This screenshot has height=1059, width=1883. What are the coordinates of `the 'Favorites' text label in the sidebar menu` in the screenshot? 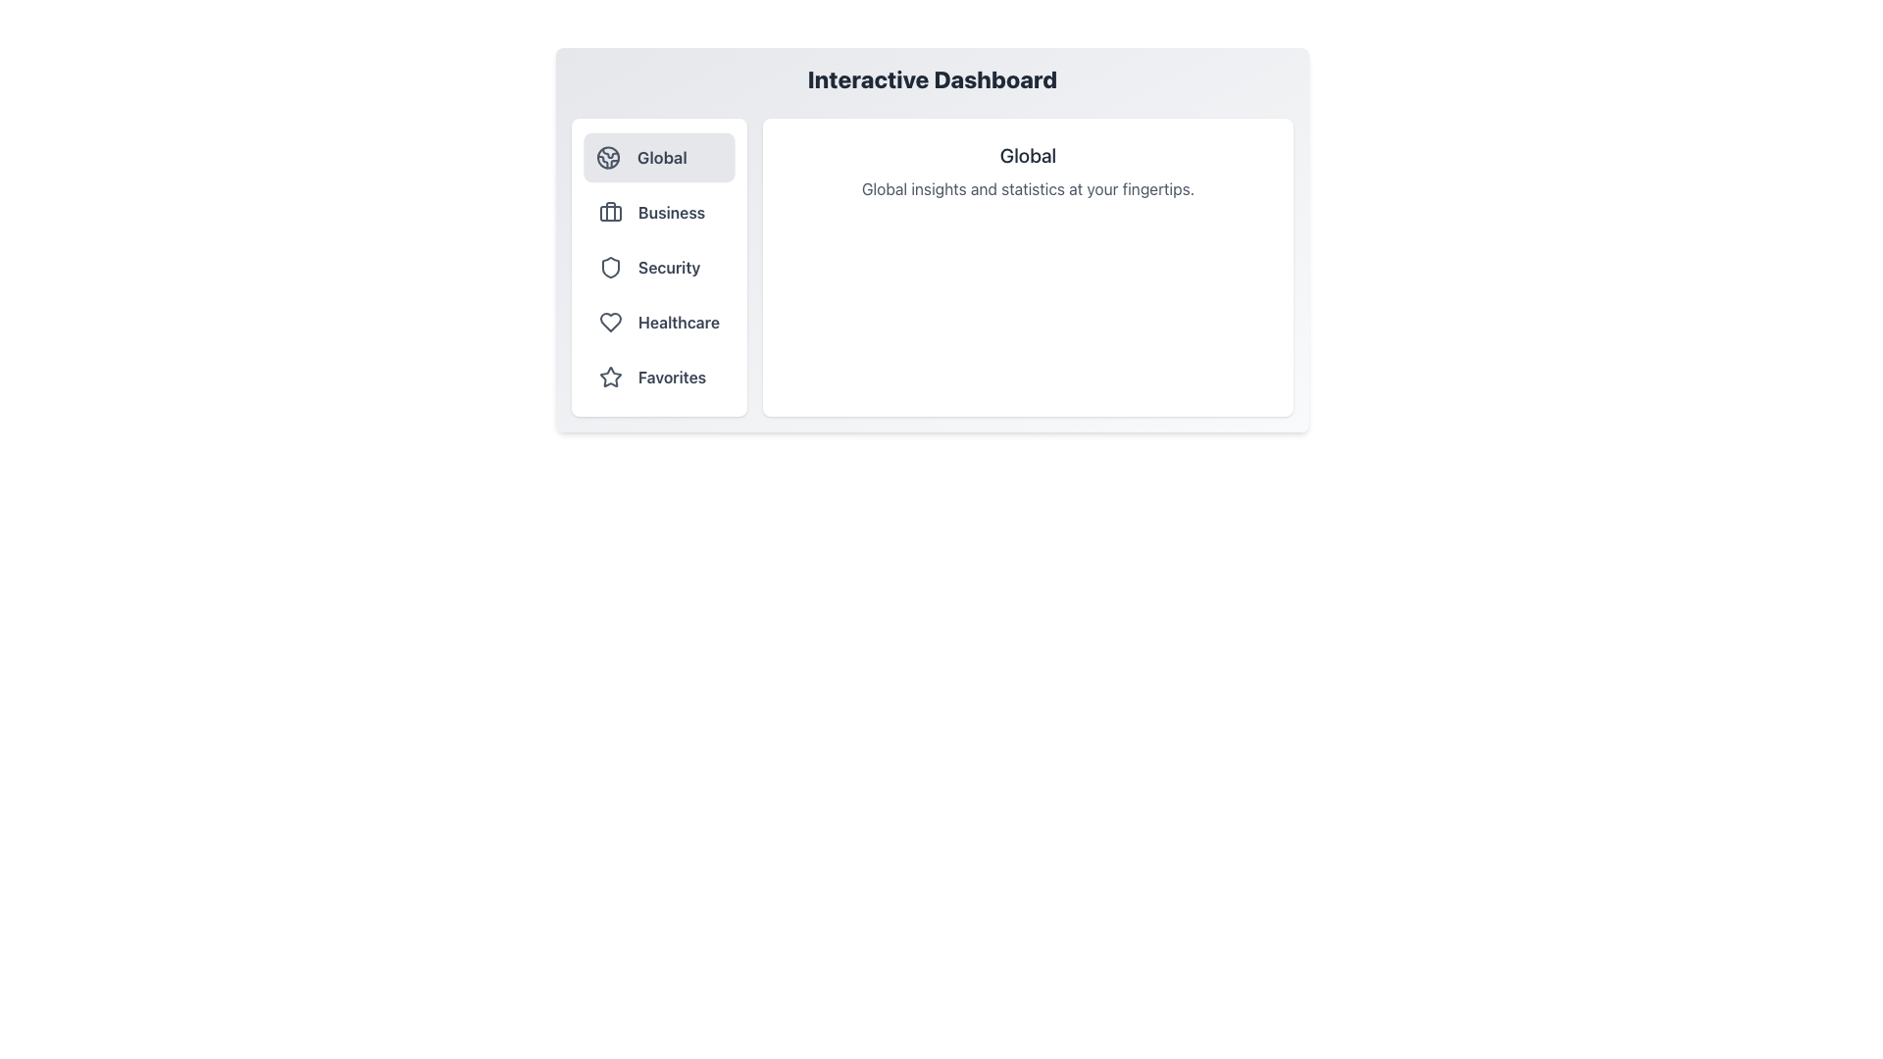 It's located at (672, 378).